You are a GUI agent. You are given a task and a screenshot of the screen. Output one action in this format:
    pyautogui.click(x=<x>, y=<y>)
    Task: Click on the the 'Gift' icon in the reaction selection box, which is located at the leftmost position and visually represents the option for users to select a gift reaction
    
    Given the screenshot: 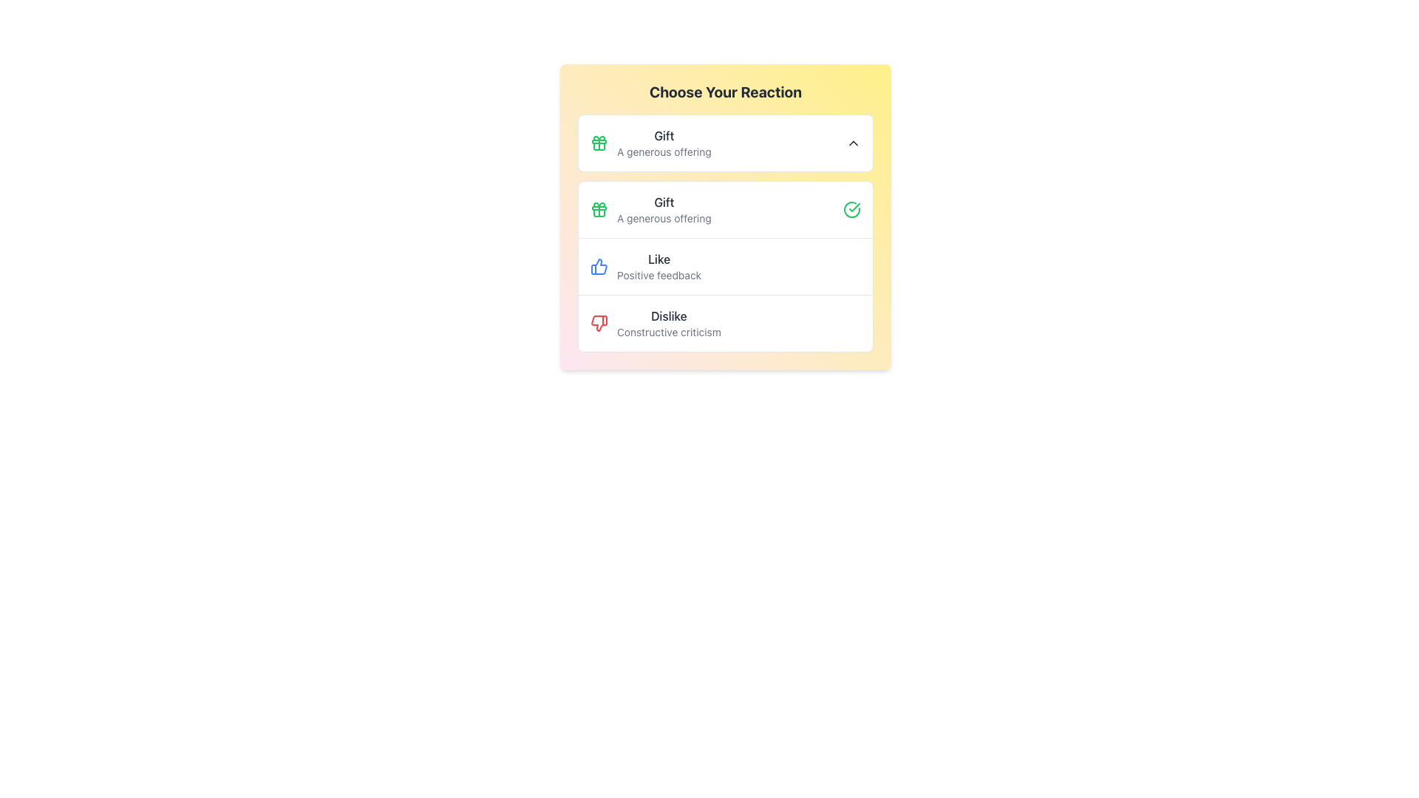 What is the action you would take?
    pyautogui.click(x=599, y=143)
    